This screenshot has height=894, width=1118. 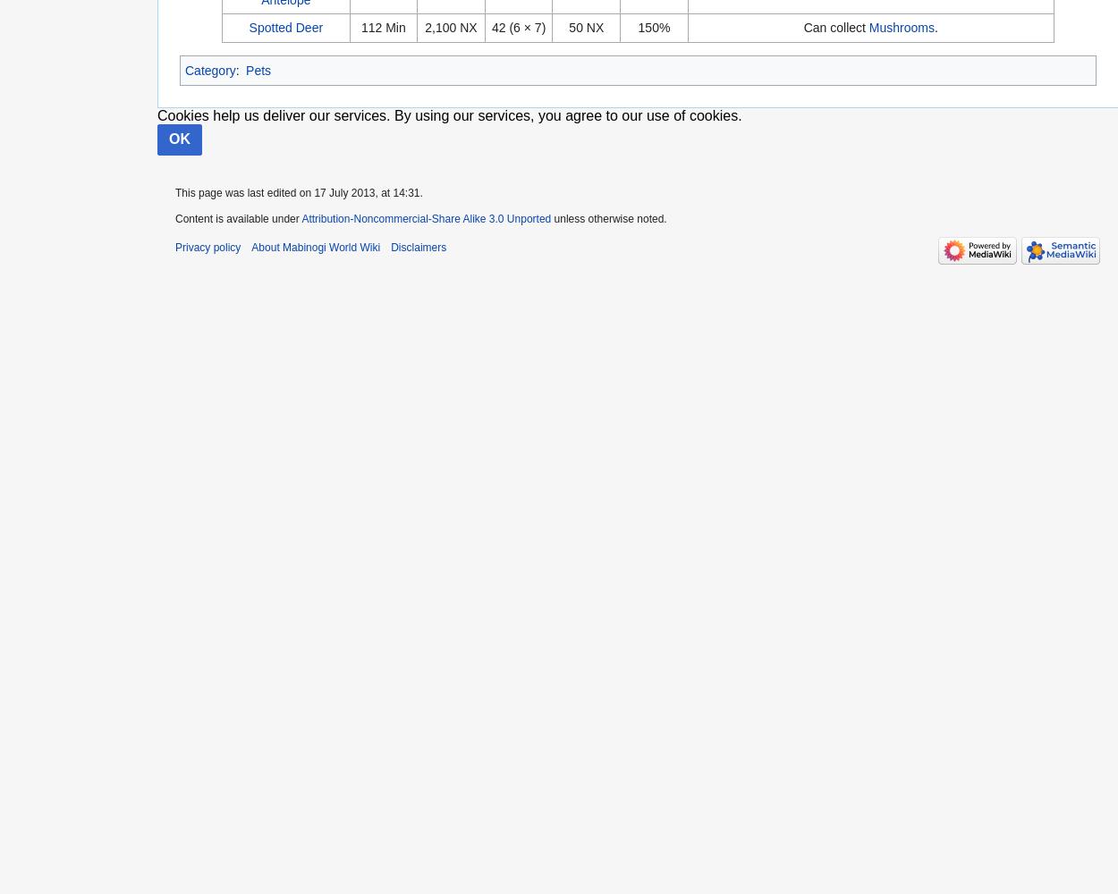 What do you see at coordinates (569, 28) in the screenshot?
I see `'50 NX'` at bounding box center [569, 28].